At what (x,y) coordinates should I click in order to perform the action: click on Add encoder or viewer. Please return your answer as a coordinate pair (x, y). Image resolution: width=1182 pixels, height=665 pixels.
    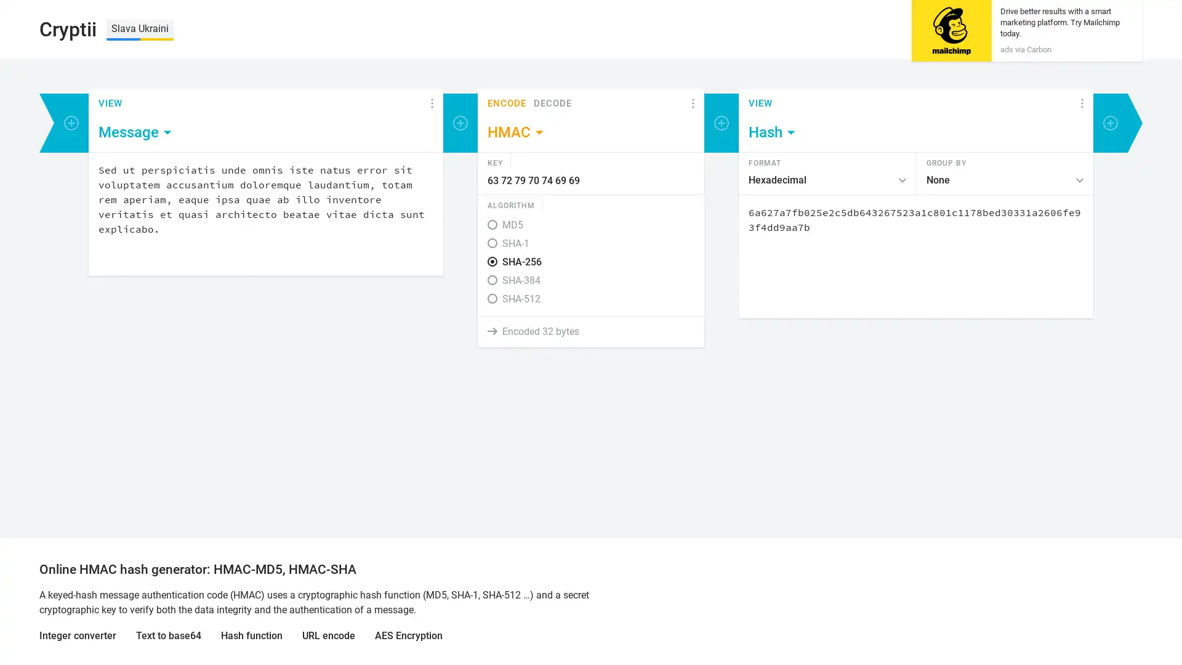
    Looking at the image, I should click on (70, 123).